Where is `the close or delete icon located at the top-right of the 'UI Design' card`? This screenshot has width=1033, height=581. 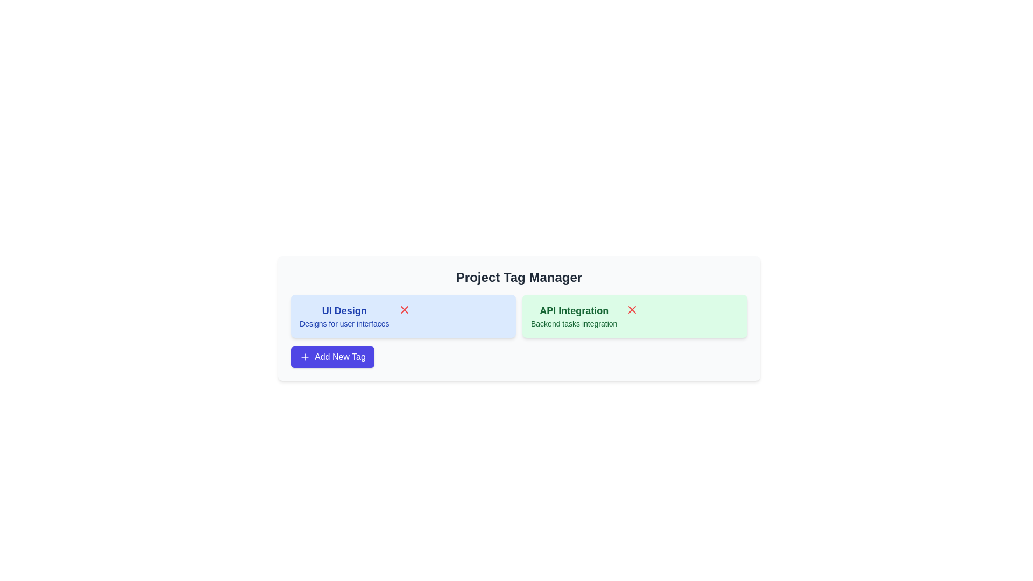
the close or delete icon located at the top-right of the 'UI Design' card is located at coordinates (404, 309).